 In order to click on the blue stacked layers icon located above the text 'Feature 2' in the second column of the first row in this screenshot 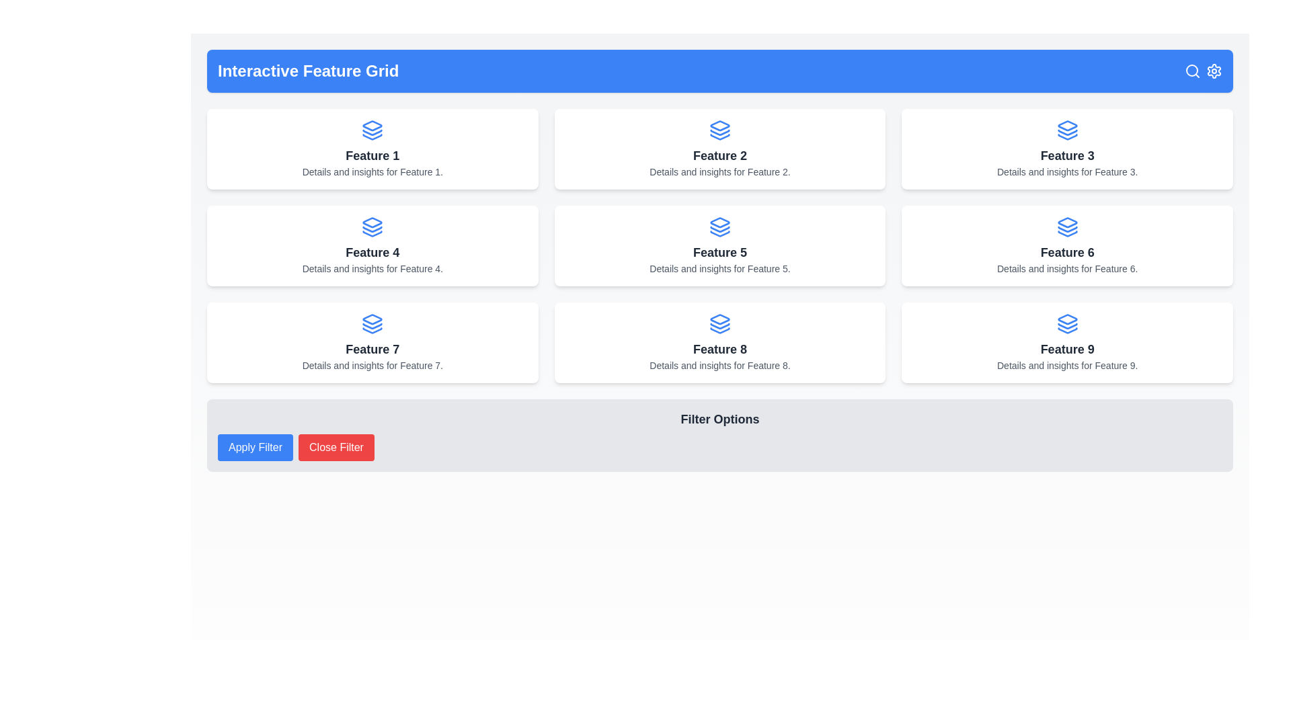, I will do `click(719, 130)`.